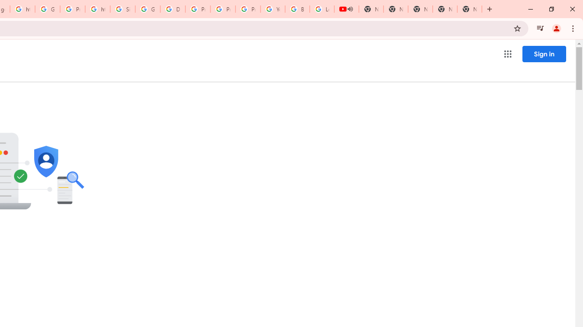  Describe the element at coordinates (223, 9) in the screenshot. I see `'Privacy Help Center - Policies Help'` at that location.